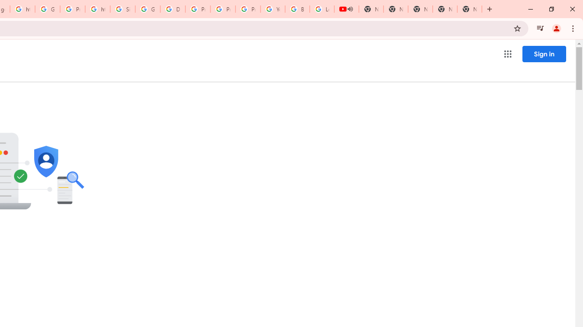  Describe the element at coordinates (223, 9) in the screenshot. I see `'Privacy Help Center - Policies Help'` at that location.